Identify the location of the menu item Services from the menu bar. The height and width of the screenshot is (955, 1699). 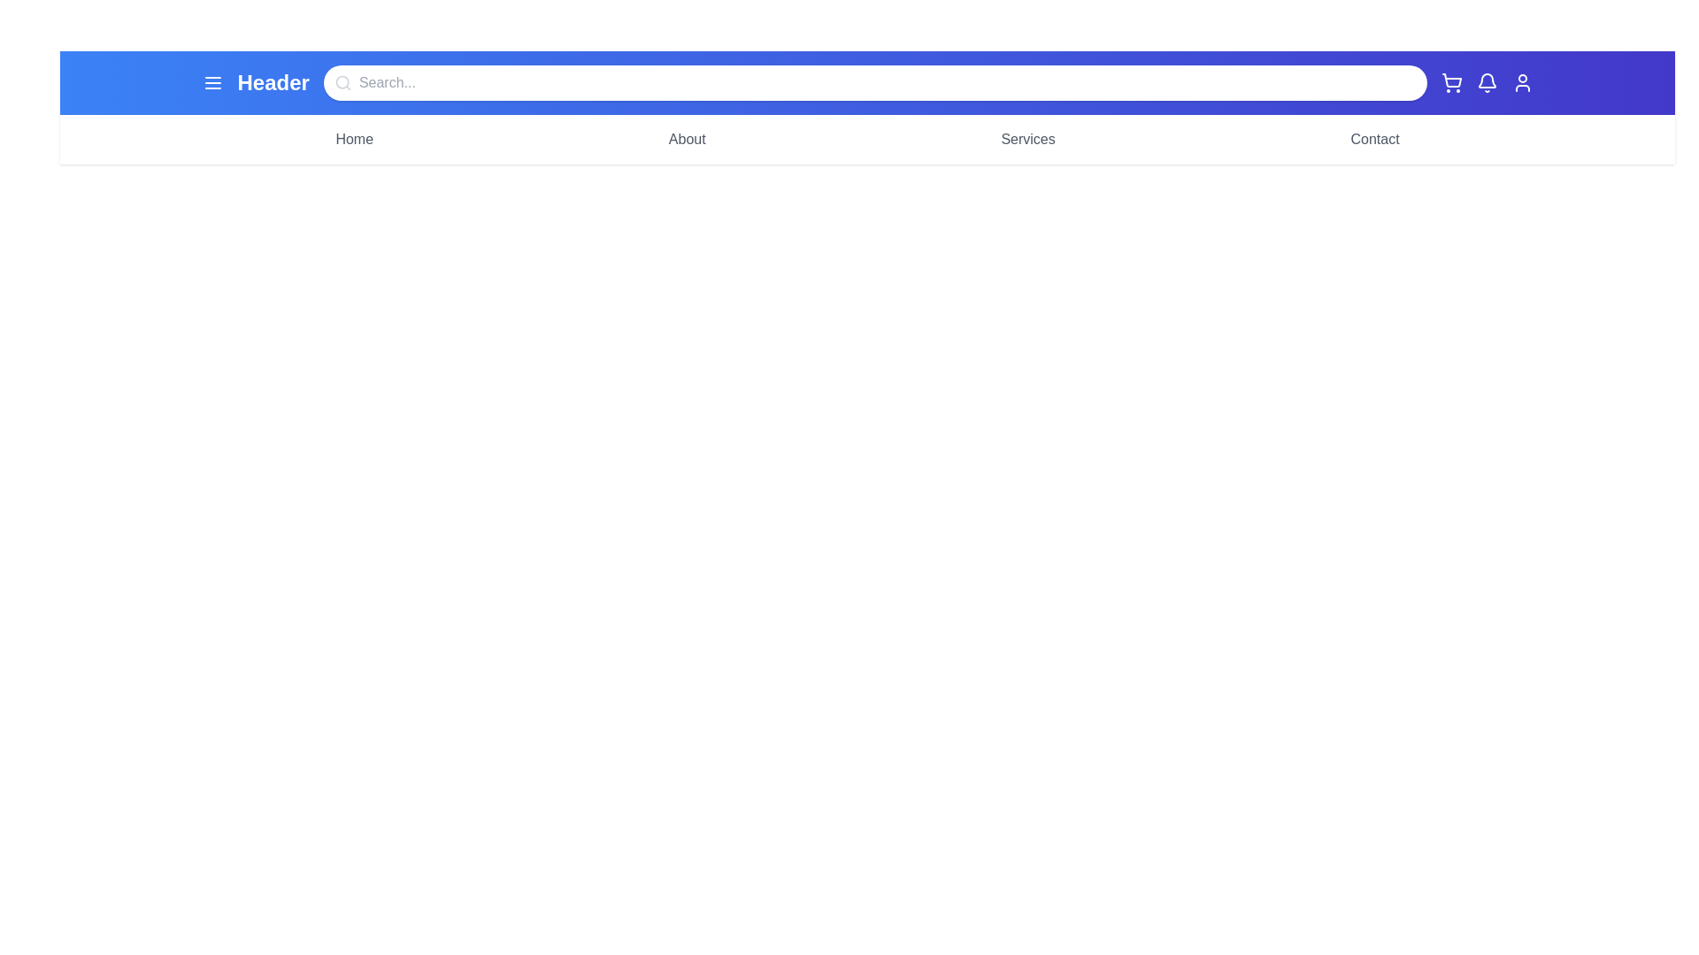
(1027, 139).